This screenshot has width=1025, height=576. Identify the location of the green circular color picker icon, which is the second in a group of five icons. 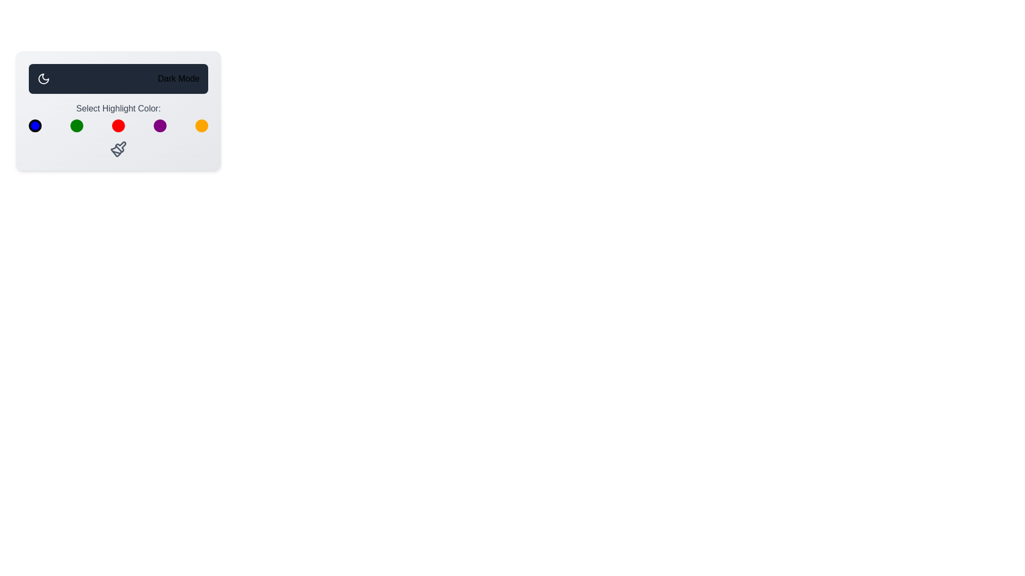
(76, 125).